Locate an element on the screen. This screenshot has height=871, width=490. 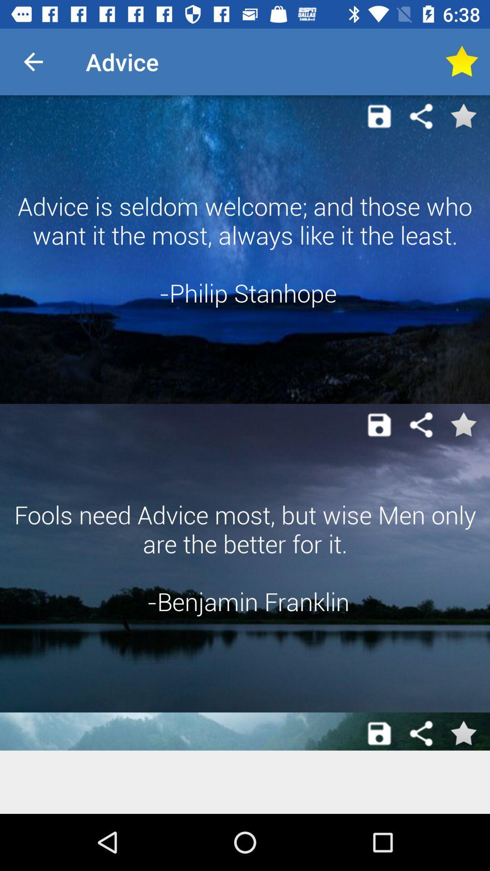
the item next to the advice is located at coordinates (461, 61).